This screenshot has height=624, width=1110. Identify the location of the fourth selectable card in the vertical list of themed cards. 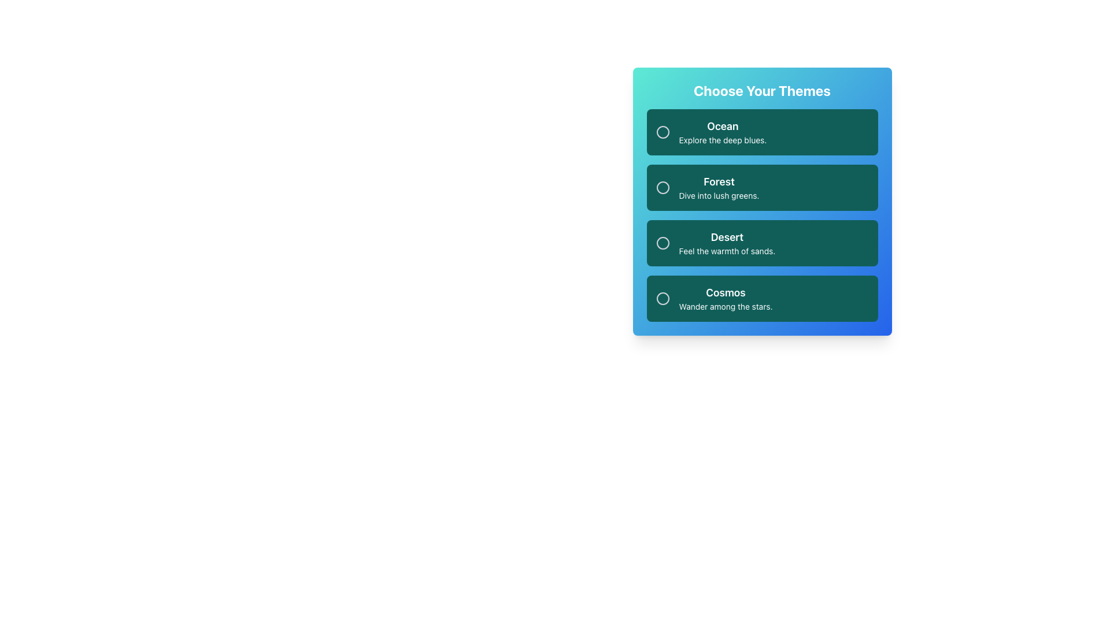
(762, 298).